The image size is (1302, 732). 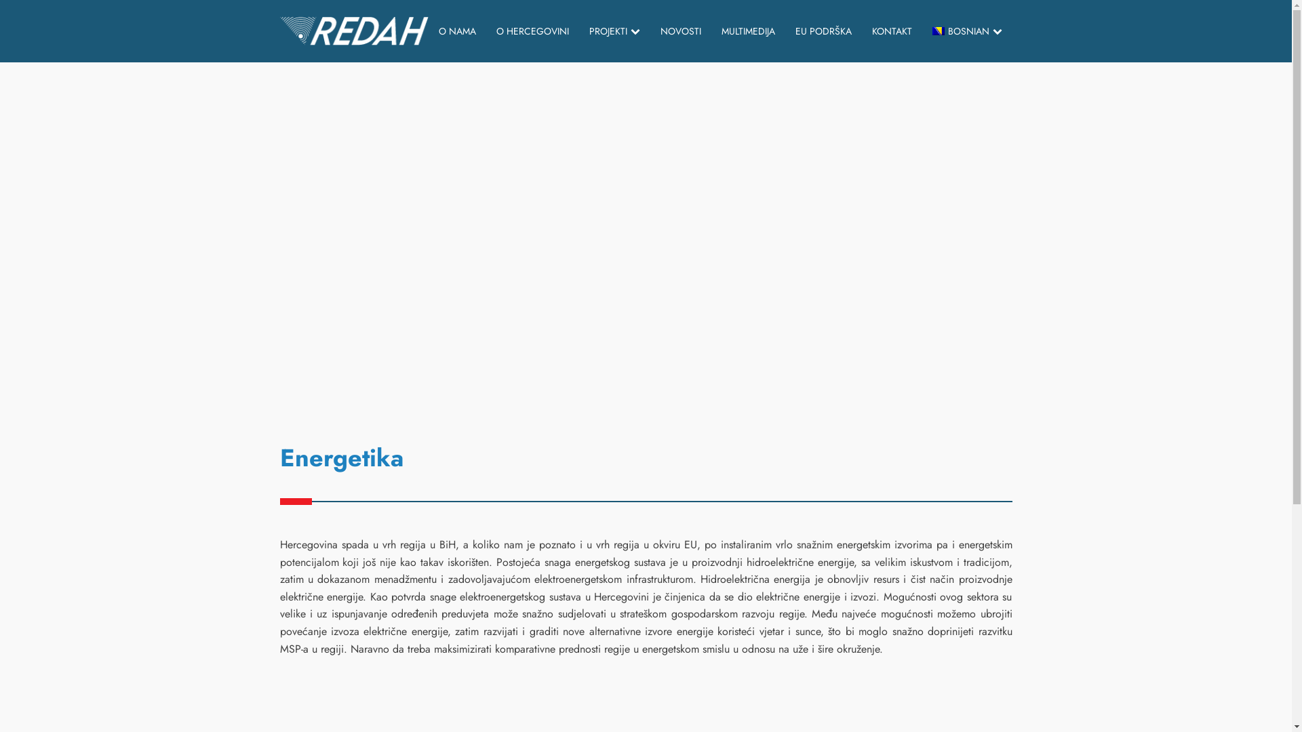 I want to click on 'KONTAKT', so click(x=892, y=30).